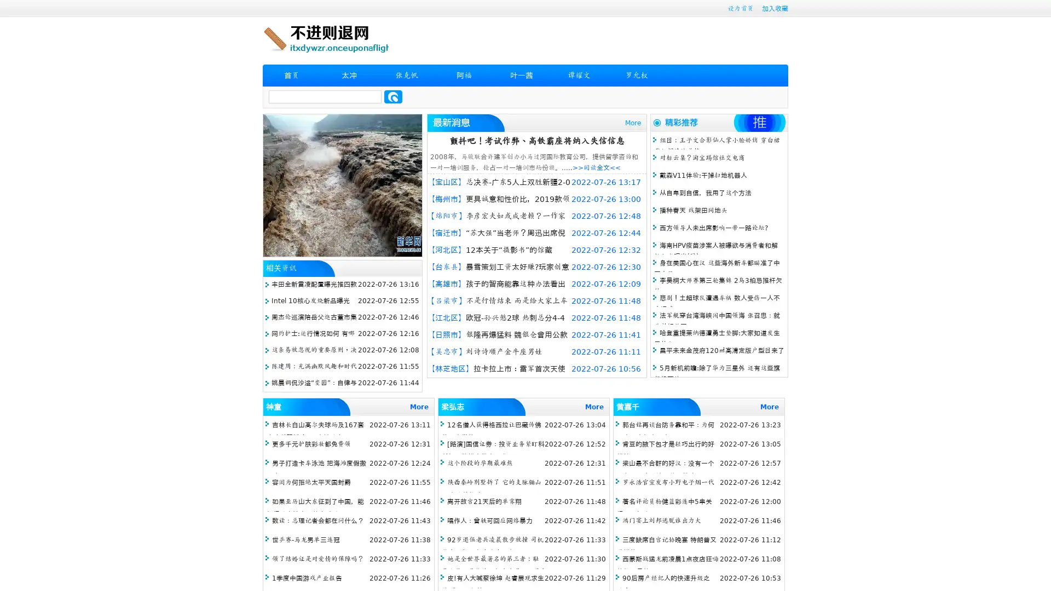 The image size is (1051, 591). Describe the element at coordinates (393, 96) in the screenshot. I see `Search` at that location.